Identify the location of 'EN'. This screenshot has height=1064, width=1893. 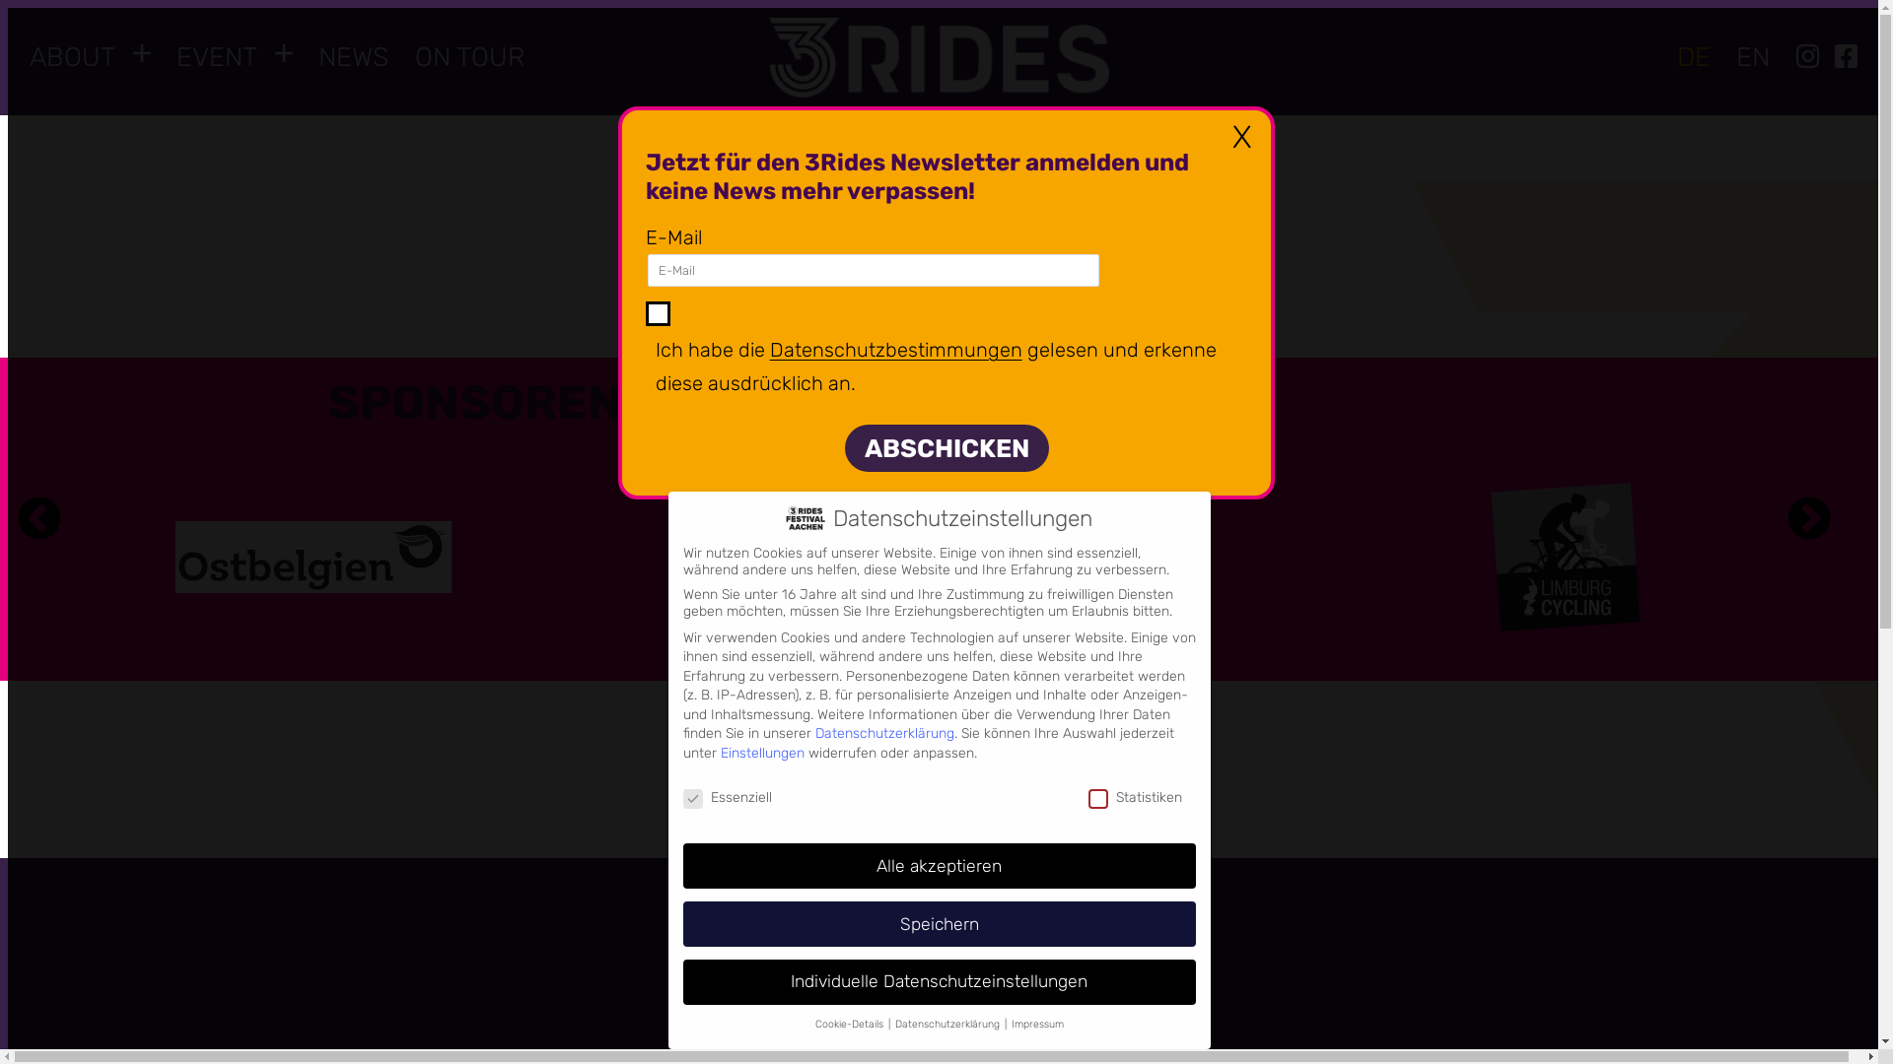
(1752, 56).